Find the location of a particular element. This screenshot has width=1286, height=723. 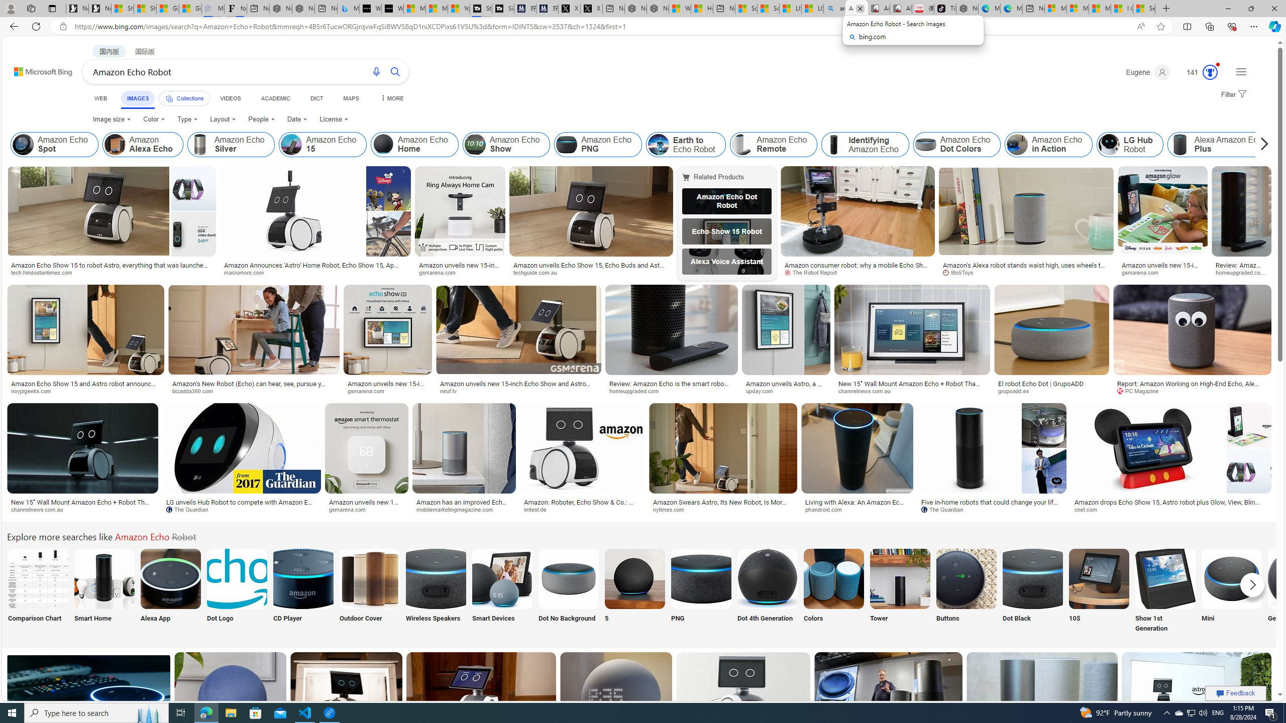

'Color' is located at coordinates (153, 119).